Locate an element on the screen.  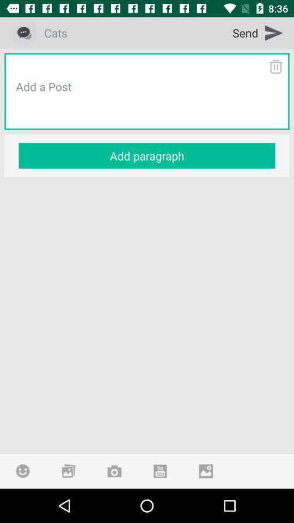
open camera is located at coordinates (114, 470).